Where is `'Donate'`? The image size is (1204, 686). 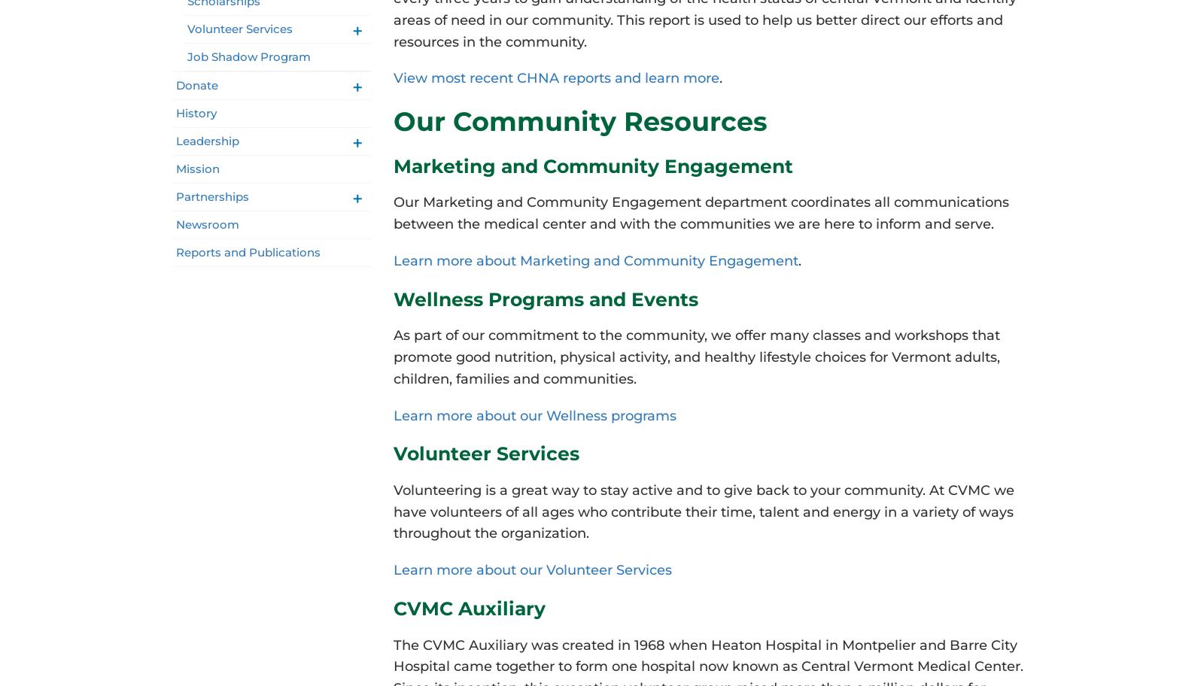
'Donate' is located at coordinates (175, 84).